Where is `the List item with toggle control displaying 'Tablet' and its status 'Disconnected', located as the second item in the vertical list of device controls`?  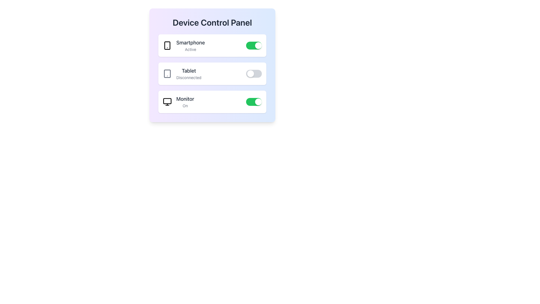 the List item with toggle control displaying 'Tablet' and its status 'Disconnected', located as the second item in the vertical list of device controls is located at coordinates (212, 73).